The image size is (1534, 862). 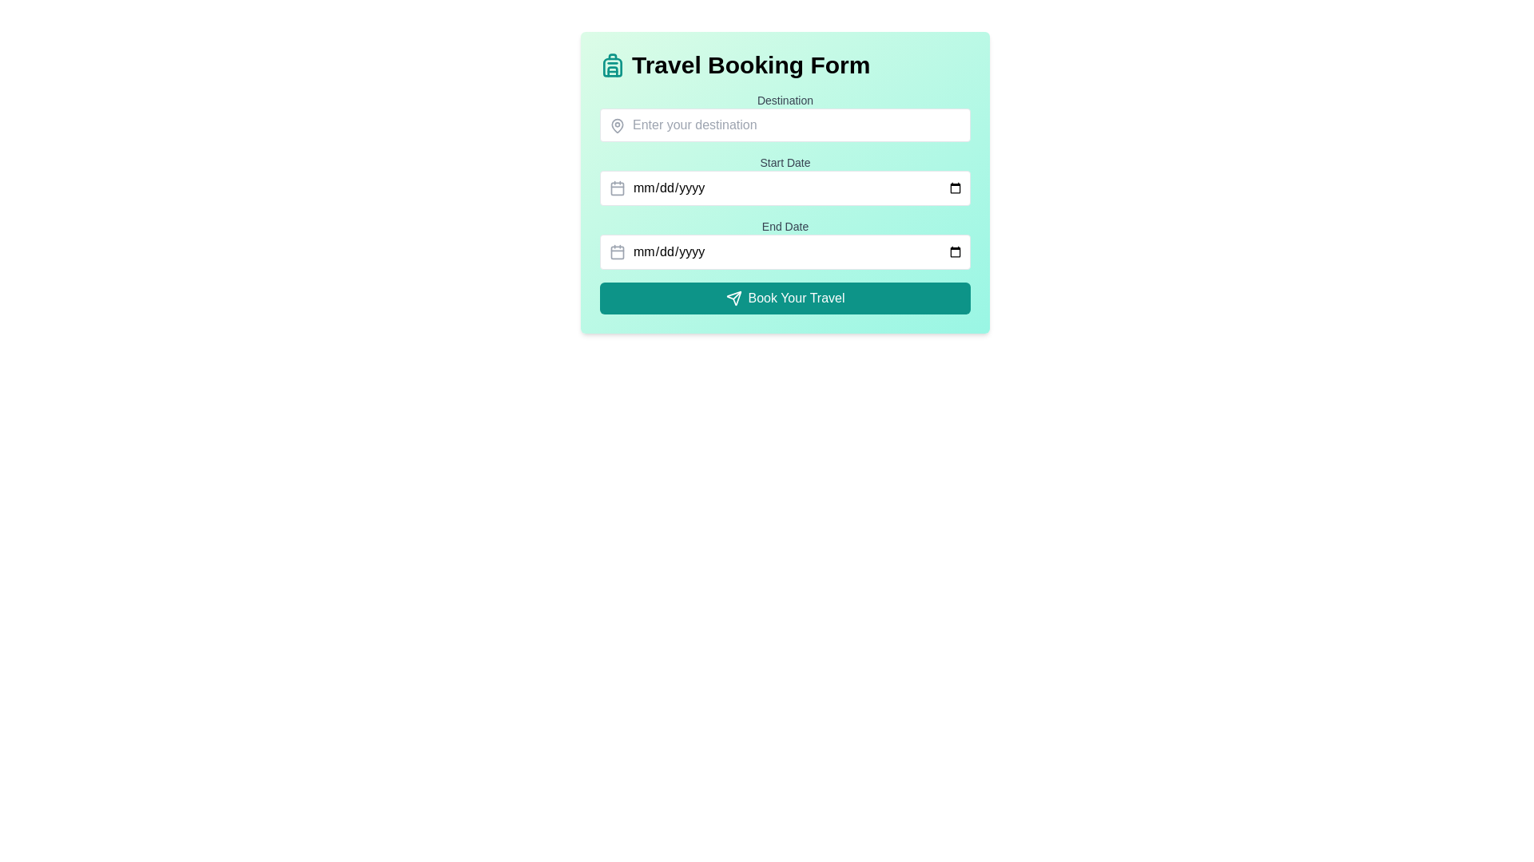 I want to click on label indicating the purpose of the adjacent input field for the travel destination, located at the top-center of the form layout, so click(x=785, y=101).